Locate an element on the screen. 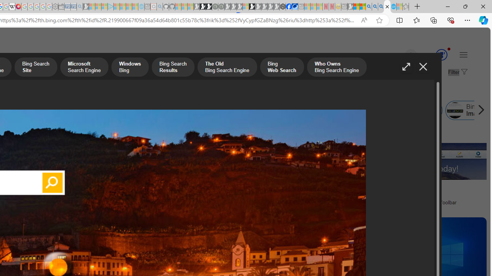 This screenshot has height=276, width=492. 'Play Zoo Boom in your browser | Games from Microsoft Start' is located at coordinates (203, 7).